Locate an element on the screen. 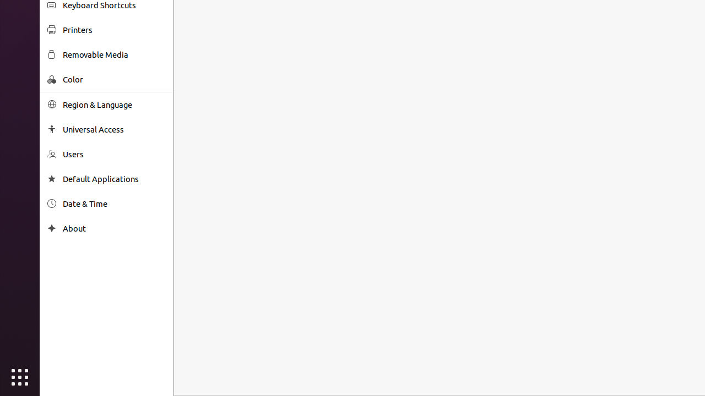  'Printers' is located at coordinates (113, 29).